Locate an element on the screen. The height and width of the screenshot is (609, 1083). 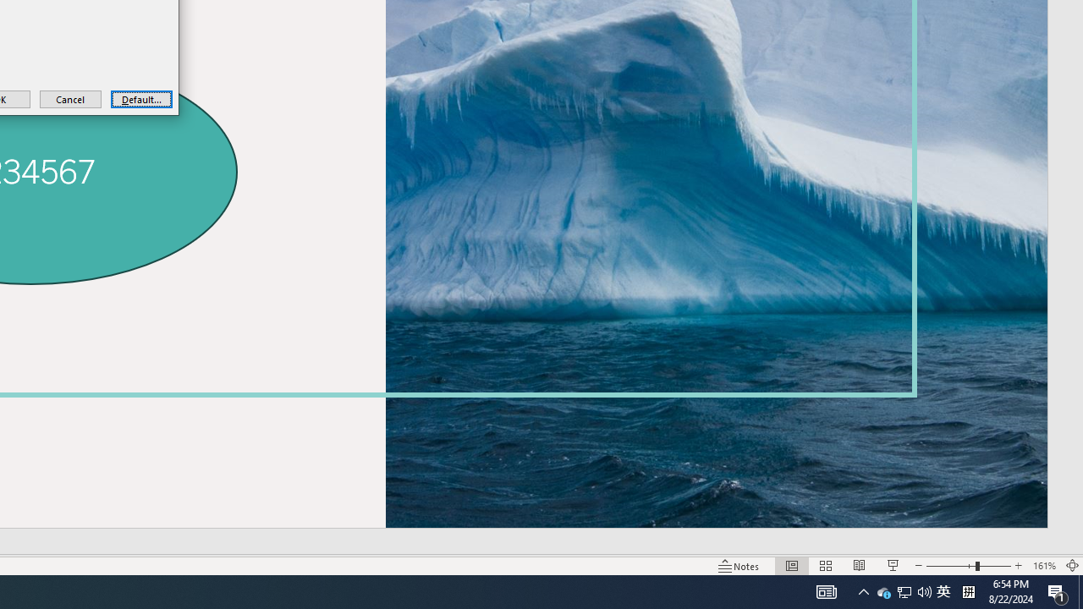
'Q2790: 100%' is located at coordinates (924, 590).